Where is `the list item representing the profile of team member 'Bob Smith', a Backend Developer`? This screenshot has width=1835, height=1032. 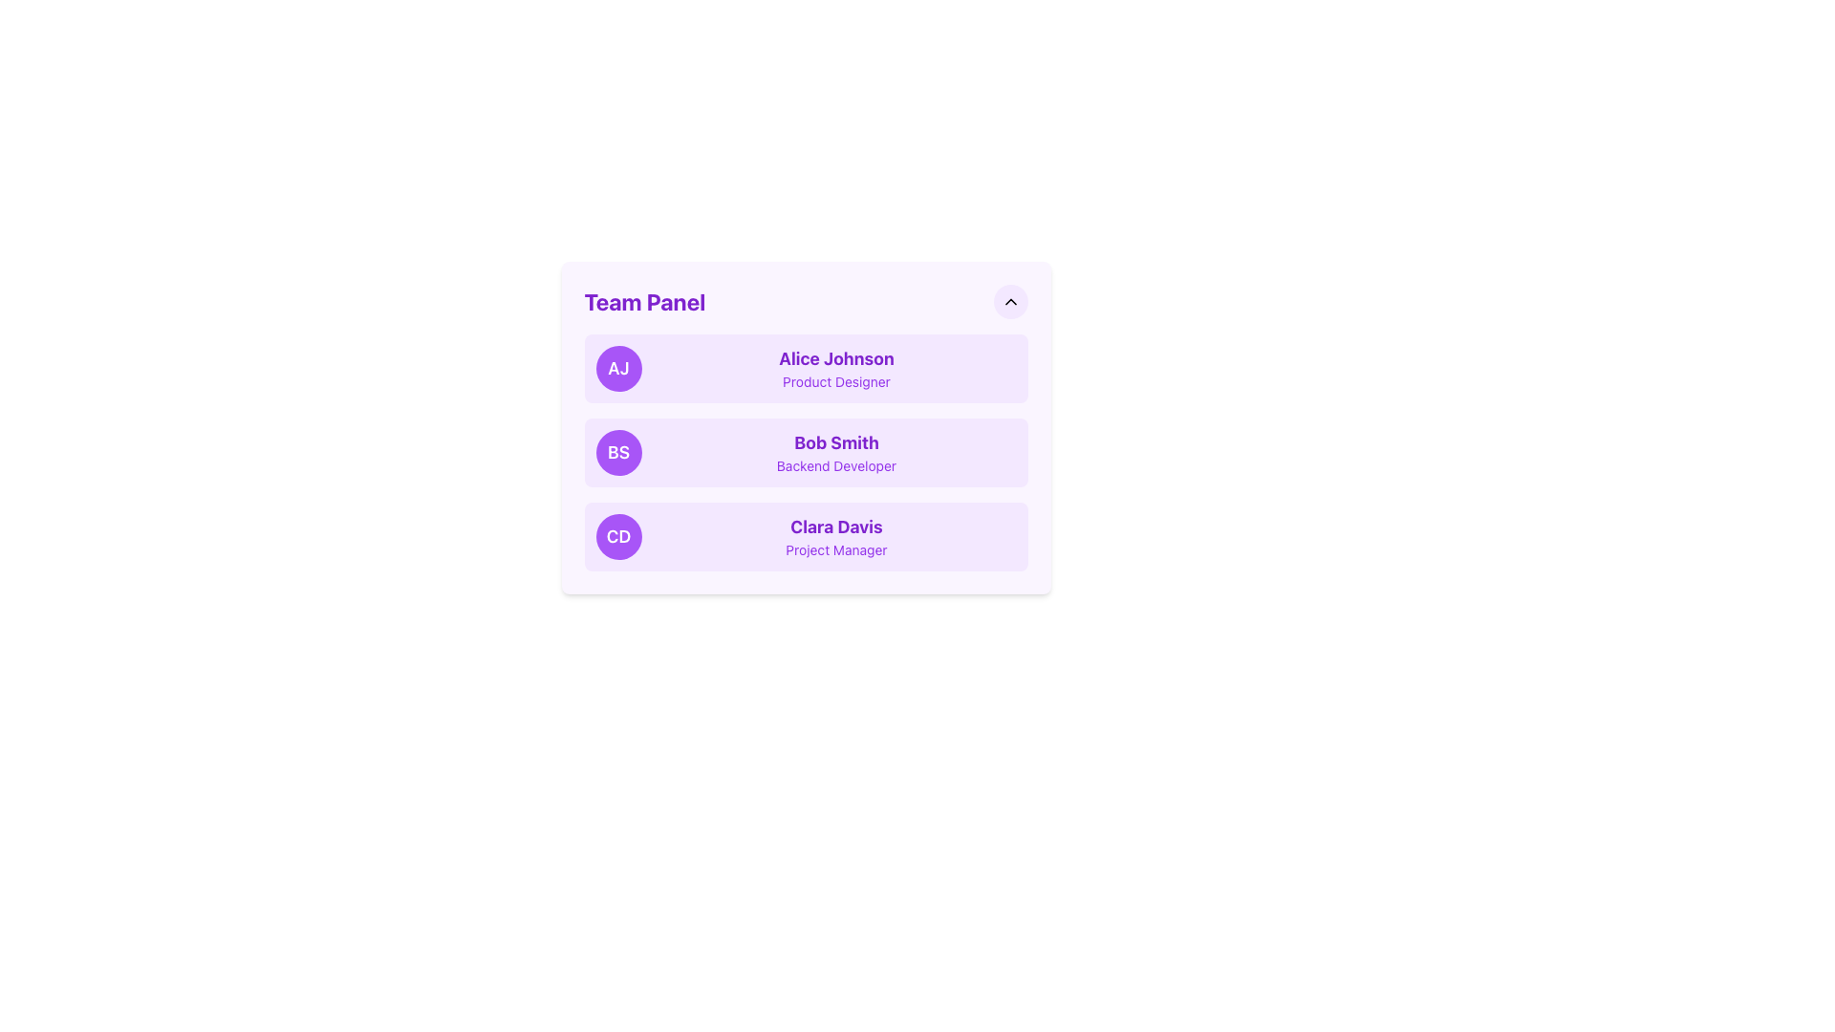
the list item representing the profile of team member 'Bob Smith', a Backend Developer is located at coordinates (806, 453).